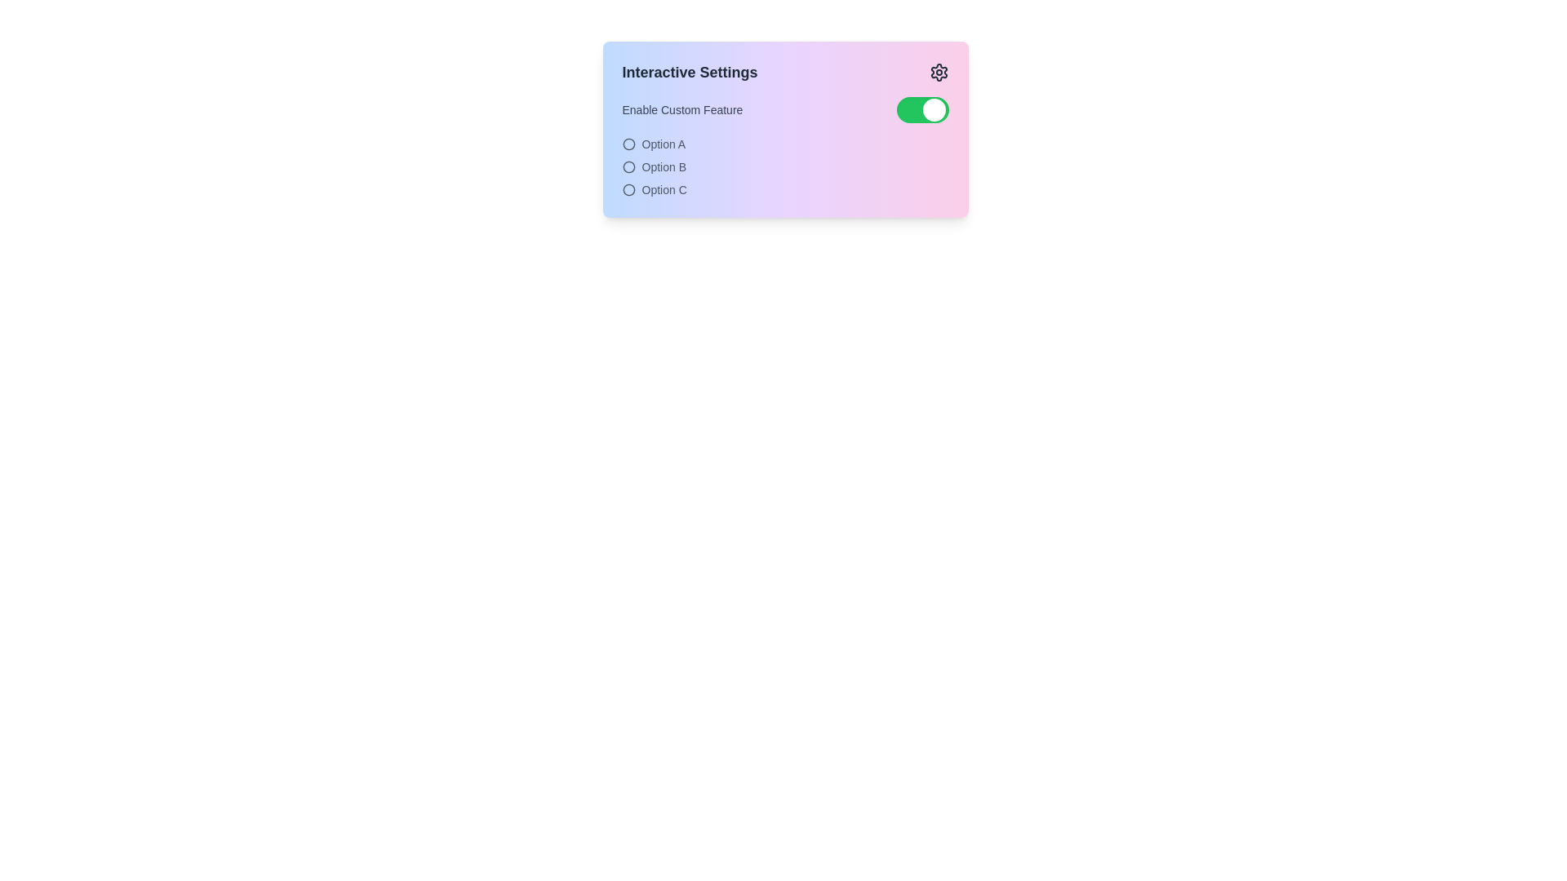  Describe the element at coordinates (785, 148) in the screenshot. I see `the labels in the 'Interactive Settings' section of the Settings panel` at that location.